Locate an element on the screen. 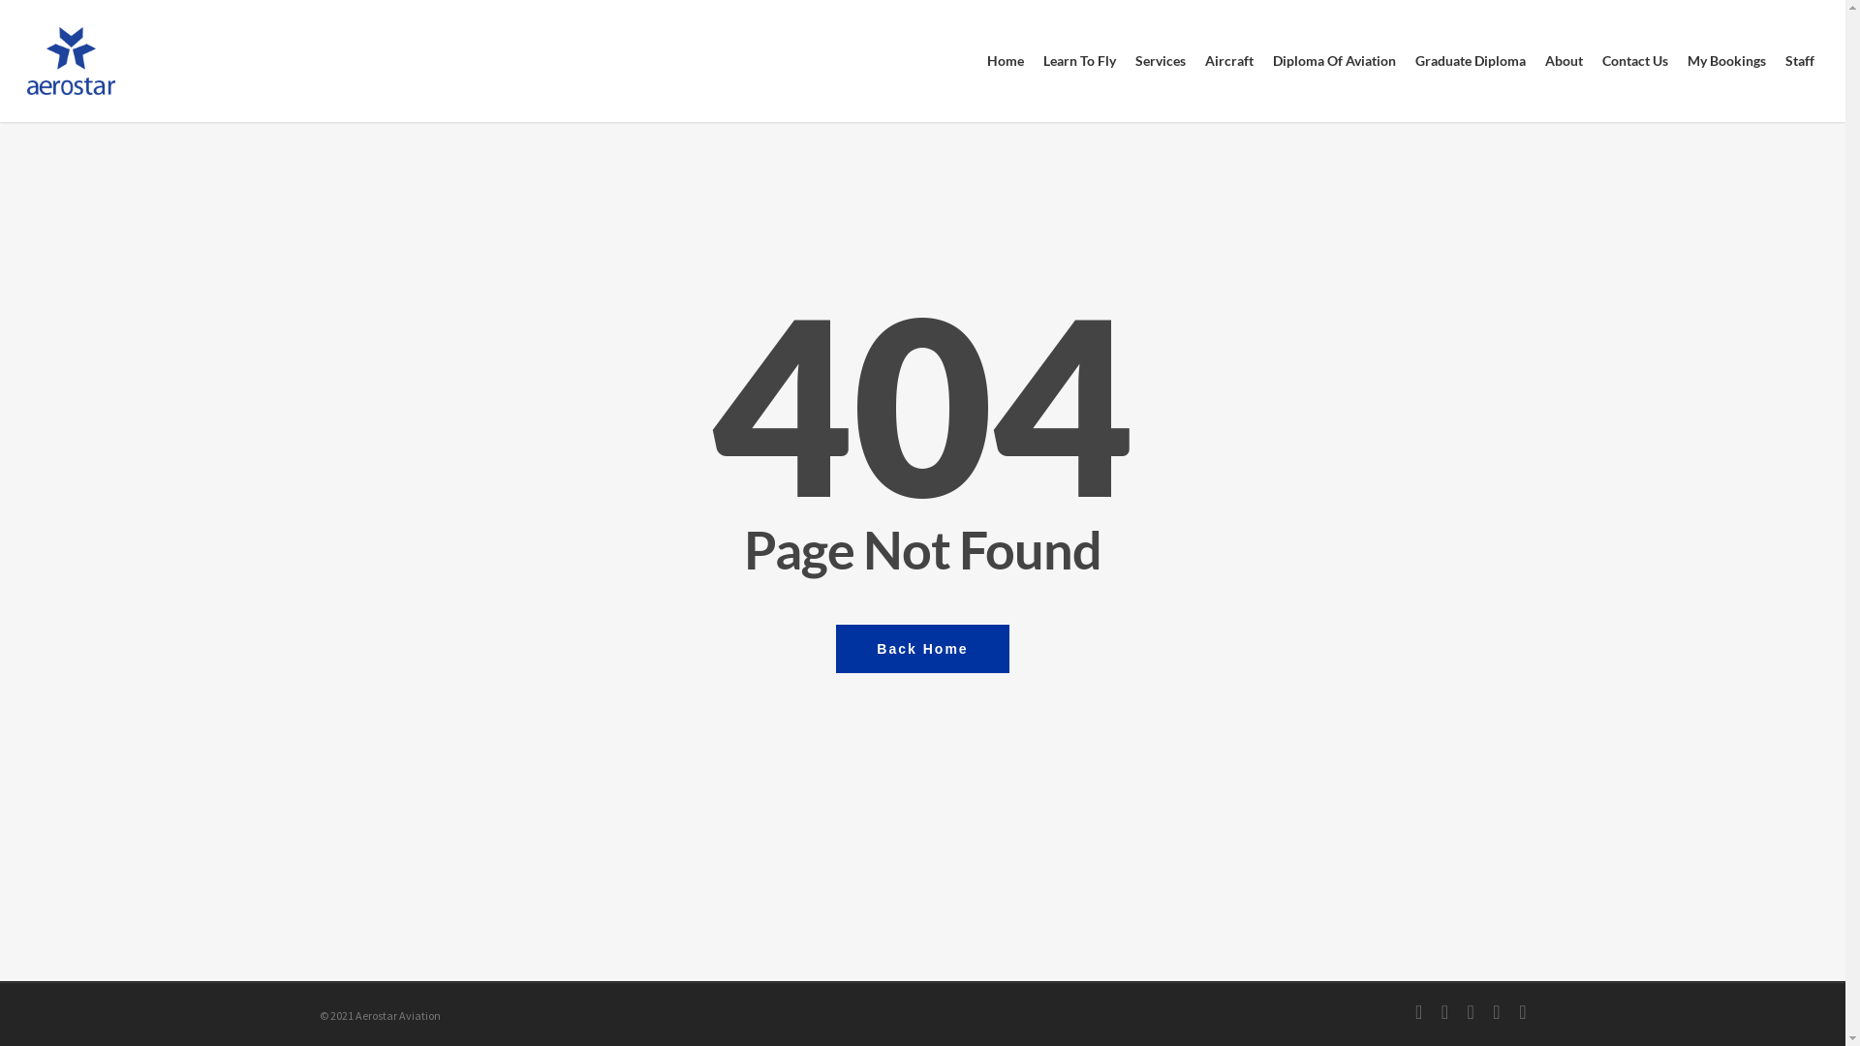  'Aircraft' is located at coordinates (1227, 59).